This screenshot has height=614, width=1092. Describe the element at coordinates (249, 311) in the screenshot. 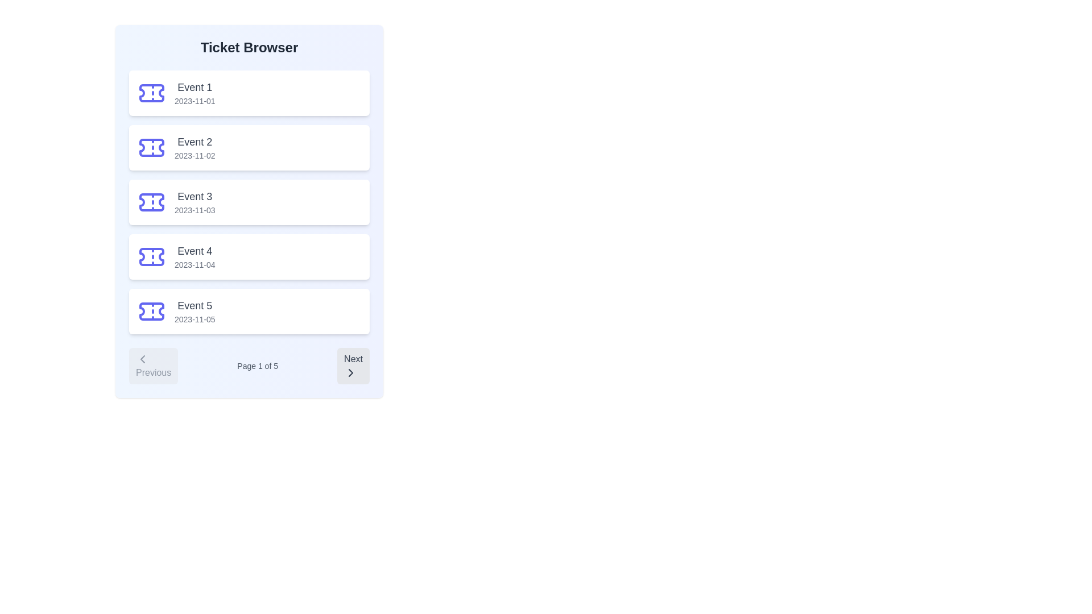

I see `to select the event represented by the fifth List item card located at the bottom of the vertical list, displaying its name and date` at that location.